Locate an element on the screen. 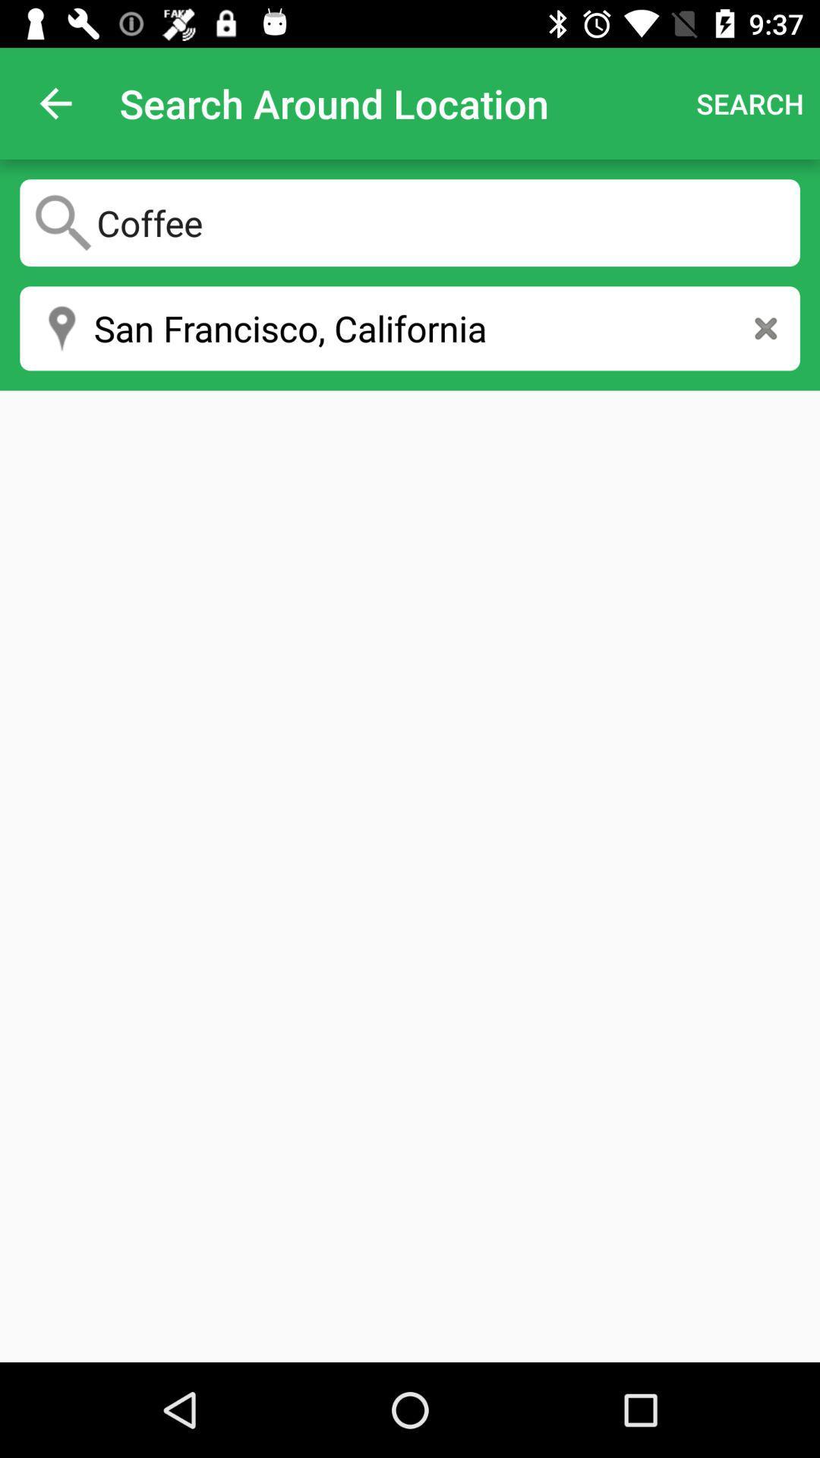 The height and width of the screenshot is (1458, 820). icon next to search around location item is located at coordinates (55, 103).